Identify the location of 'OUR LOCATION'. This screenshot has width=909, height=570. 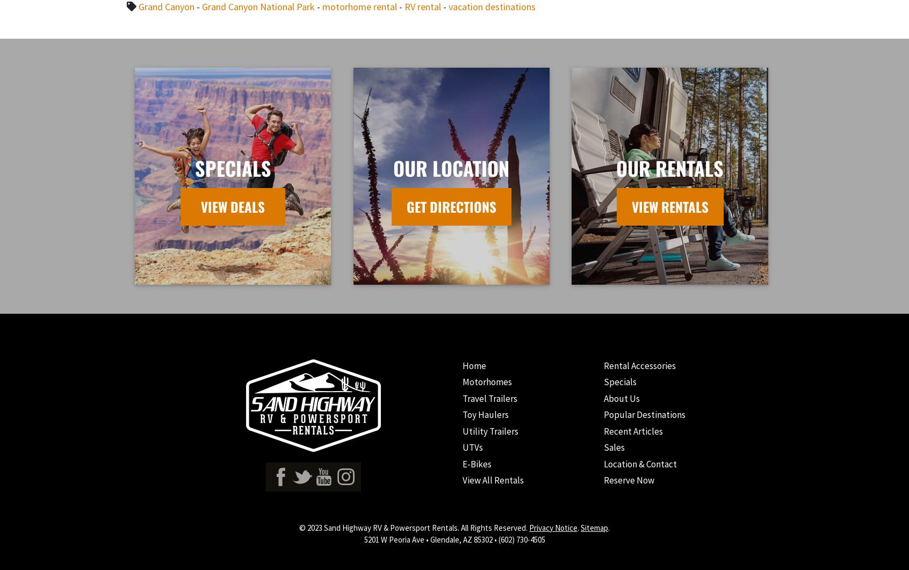
(451, 167).